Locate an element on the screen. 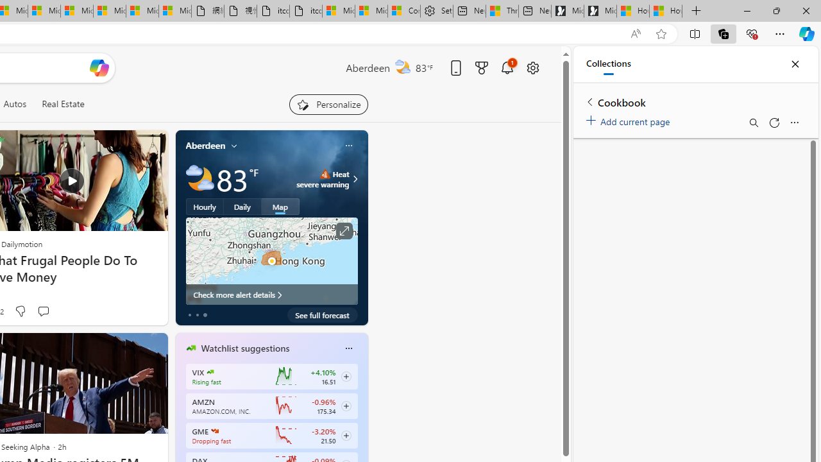 This screenshot has width=821, height=462. 'Daily' is located at coordinates (242, 205).